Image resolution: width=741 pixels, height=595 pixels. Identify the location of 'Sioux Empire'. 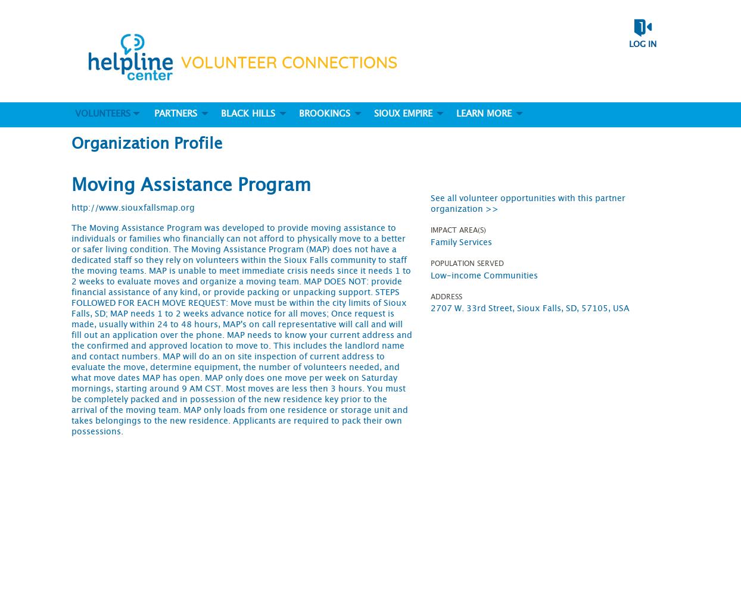
(403, 112).